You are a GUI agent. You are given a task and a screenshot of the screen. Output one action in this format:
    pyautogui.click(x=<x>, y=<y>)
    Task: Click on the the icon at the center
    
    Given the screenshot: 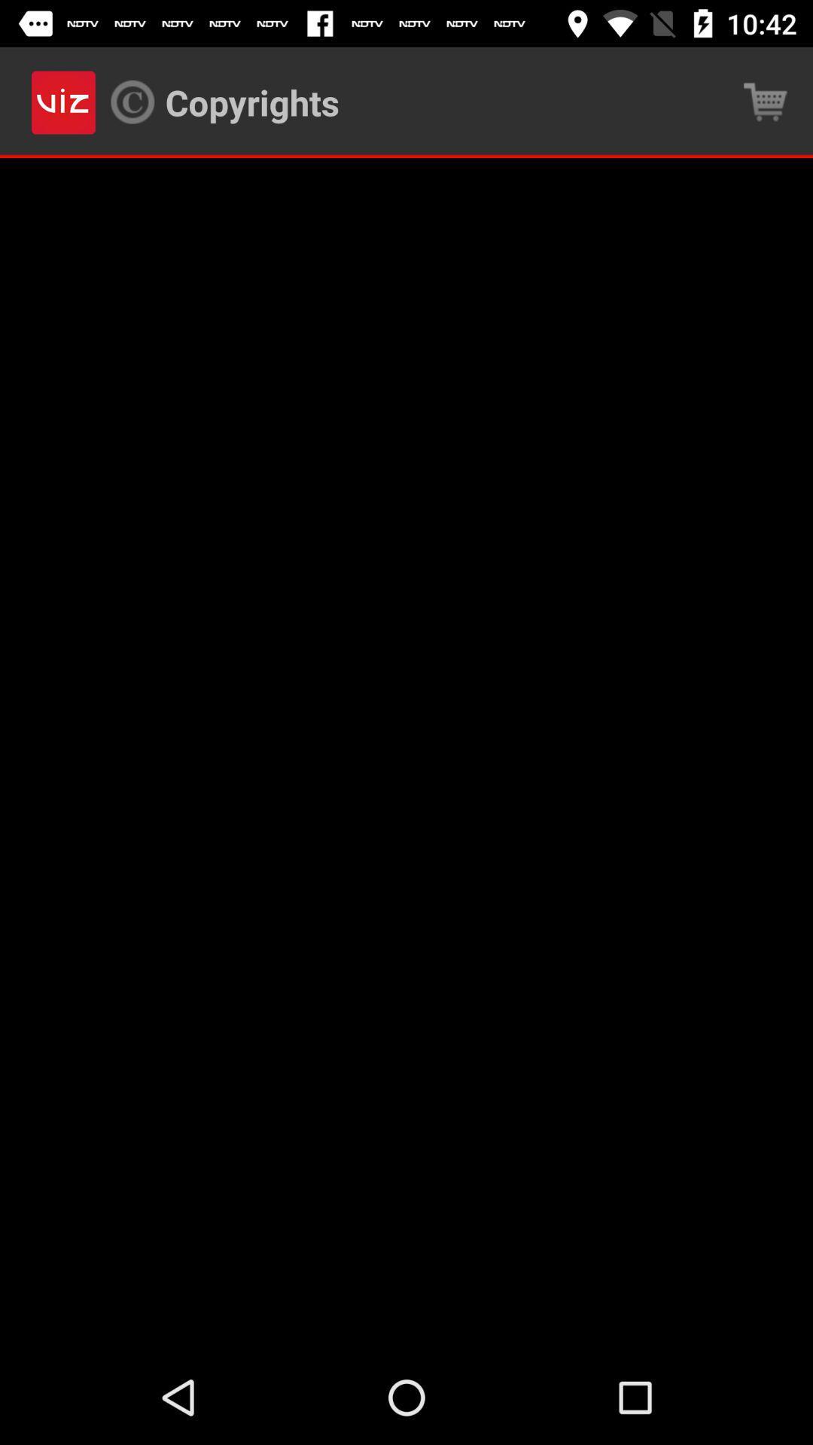 What is the action you would take?
    pyautogui.click(x=406, y=754)
    